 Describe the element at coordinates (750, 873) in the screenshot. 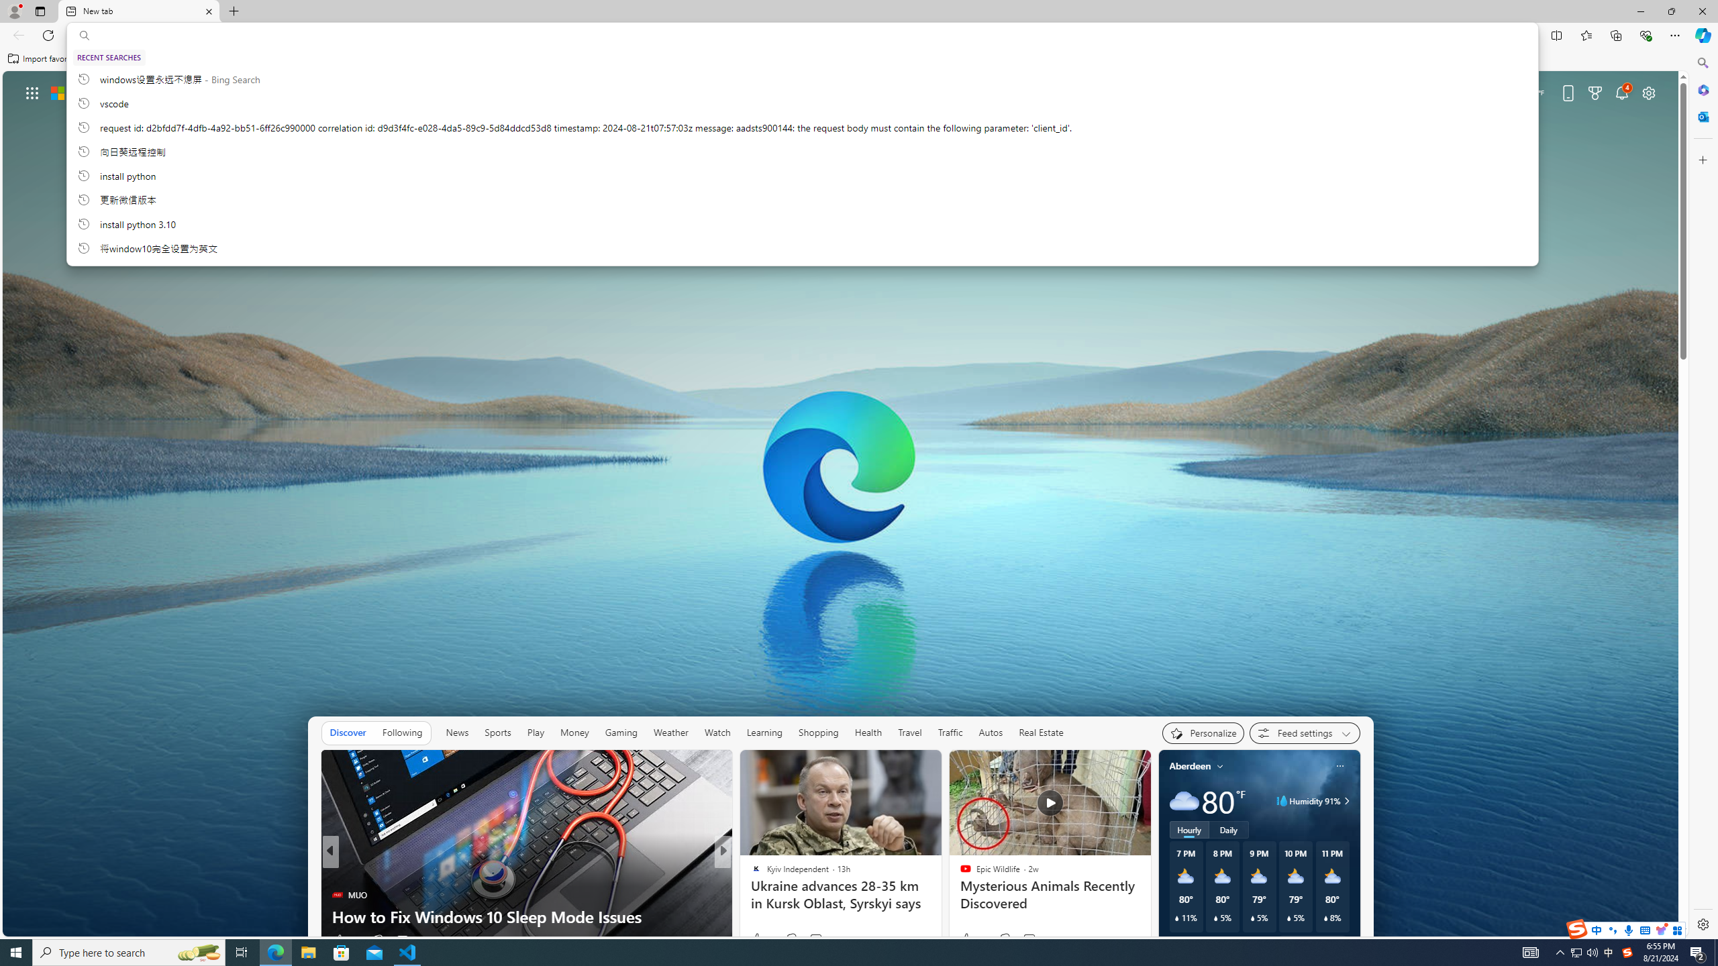

I see `'Ansa'` at that location.